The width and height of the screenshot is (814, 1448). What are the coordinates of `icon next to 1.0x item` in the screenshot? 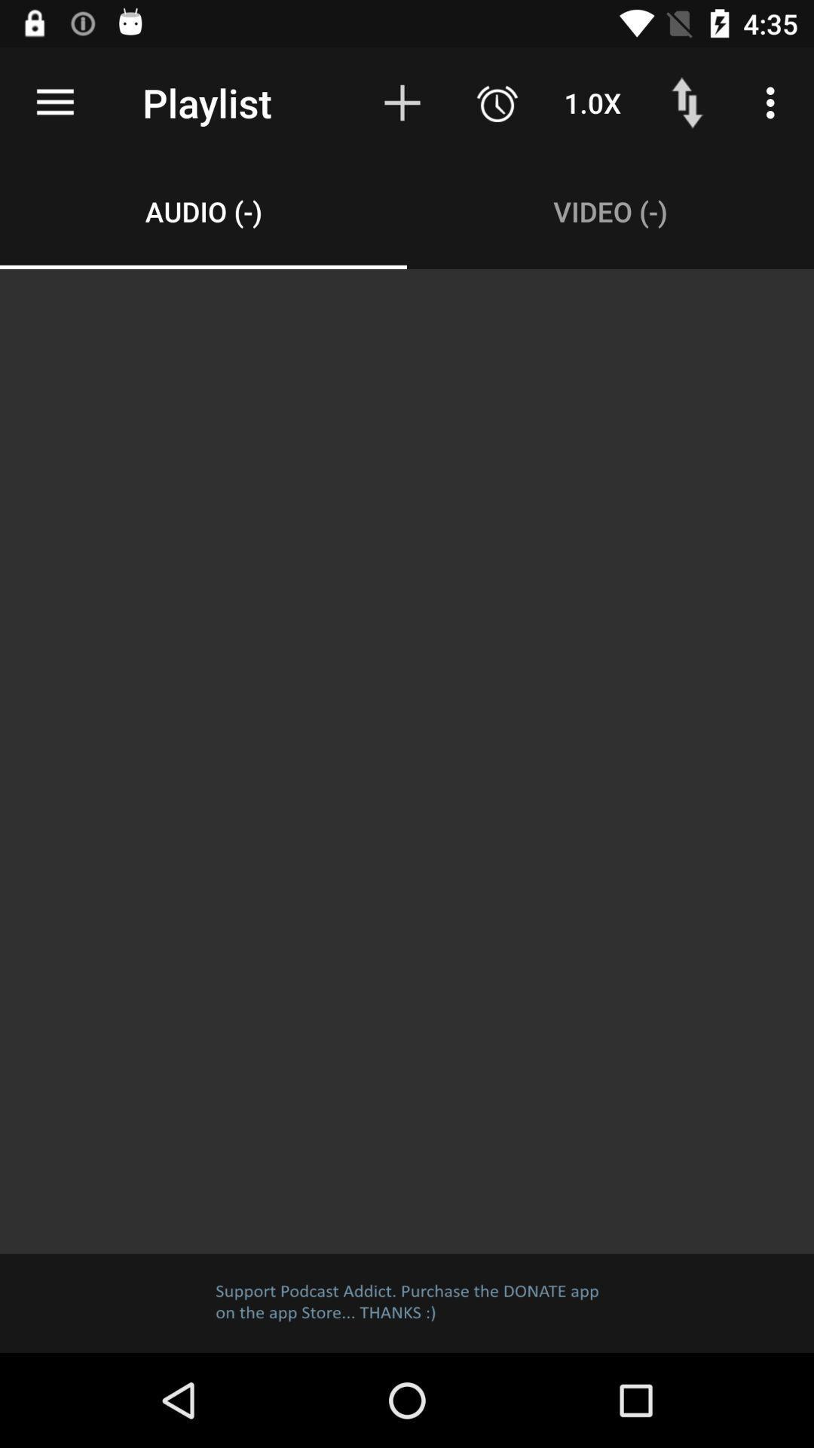 It's located at (497, 102).